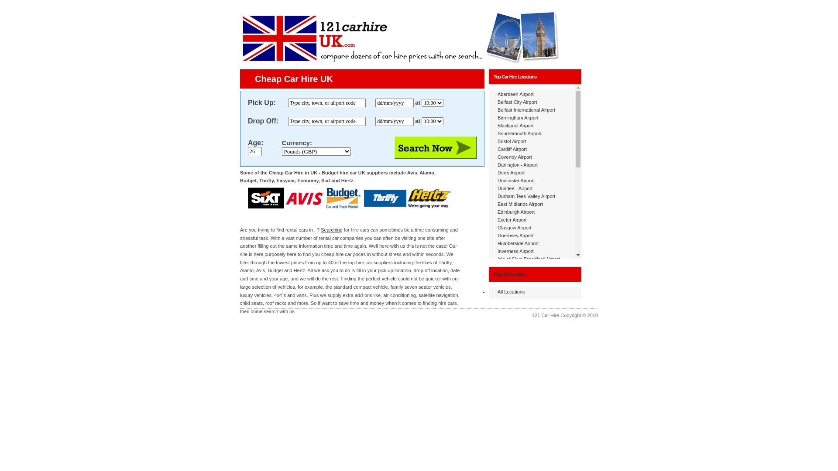  What do you see at coordinates (498, 149) in the screenshot?
I see `'Cardiff Airport'` at bounding box center [498, 149].